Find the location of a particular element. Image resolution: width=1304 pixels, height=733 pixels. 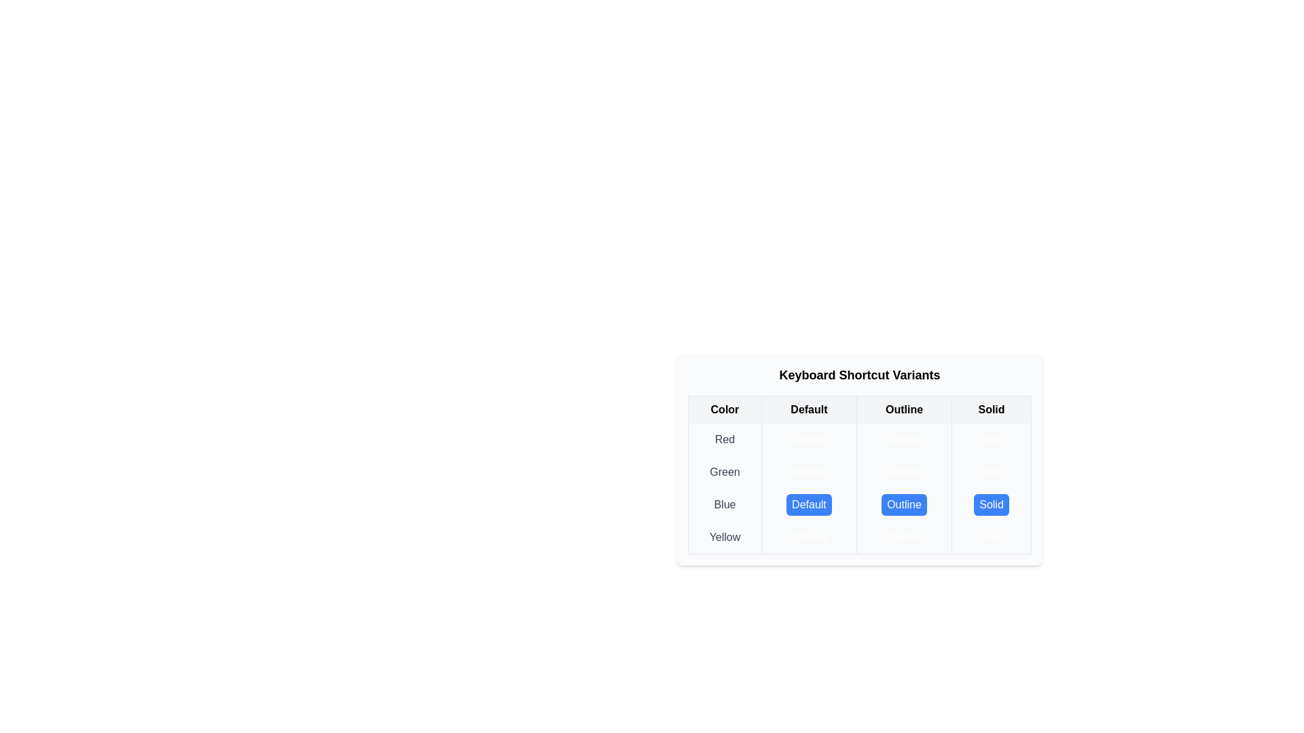

the text label that identifies the 'Blue' color in the tabular interface, located in the third row under the 'Color' column is located at coordinates (724, 505).